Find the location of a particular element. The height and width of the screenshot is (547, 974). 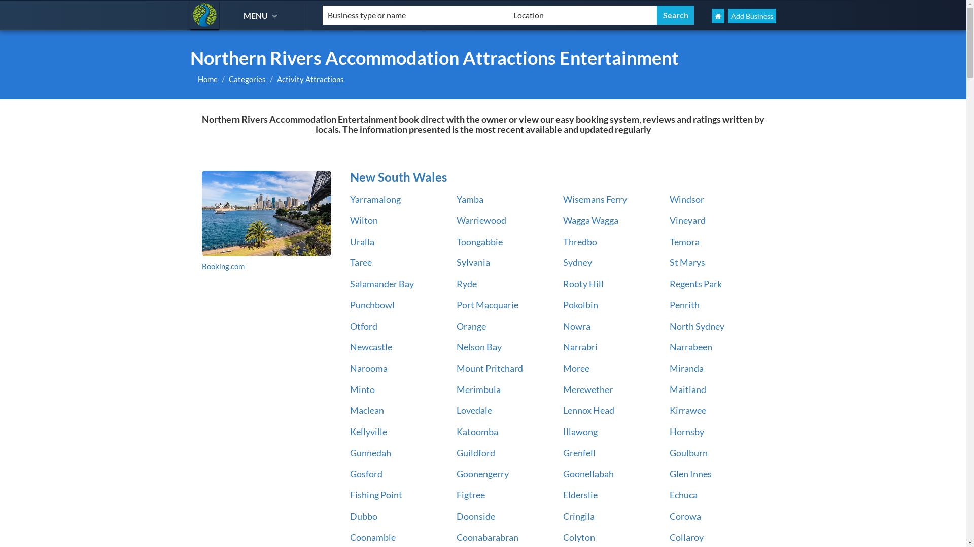

'Rooty Hill' is located at coordinates (583, 283).